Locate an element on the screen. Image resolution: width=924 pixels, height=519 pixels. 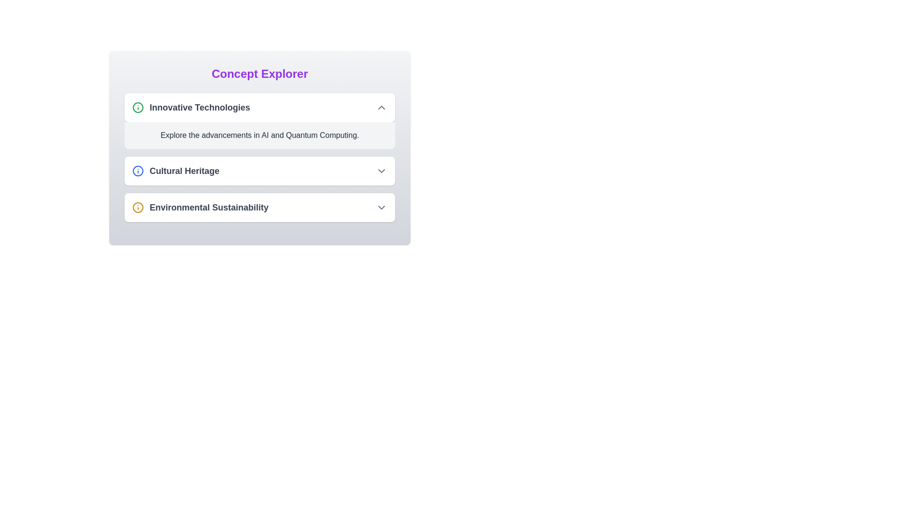
the title text display element that serves as a heading for the section, located centrally near the top of the interface above 'Innovative Technologies', 'Cultural Heritage', and 'Environmental Sustainability' is located at coordinates (259, 74).